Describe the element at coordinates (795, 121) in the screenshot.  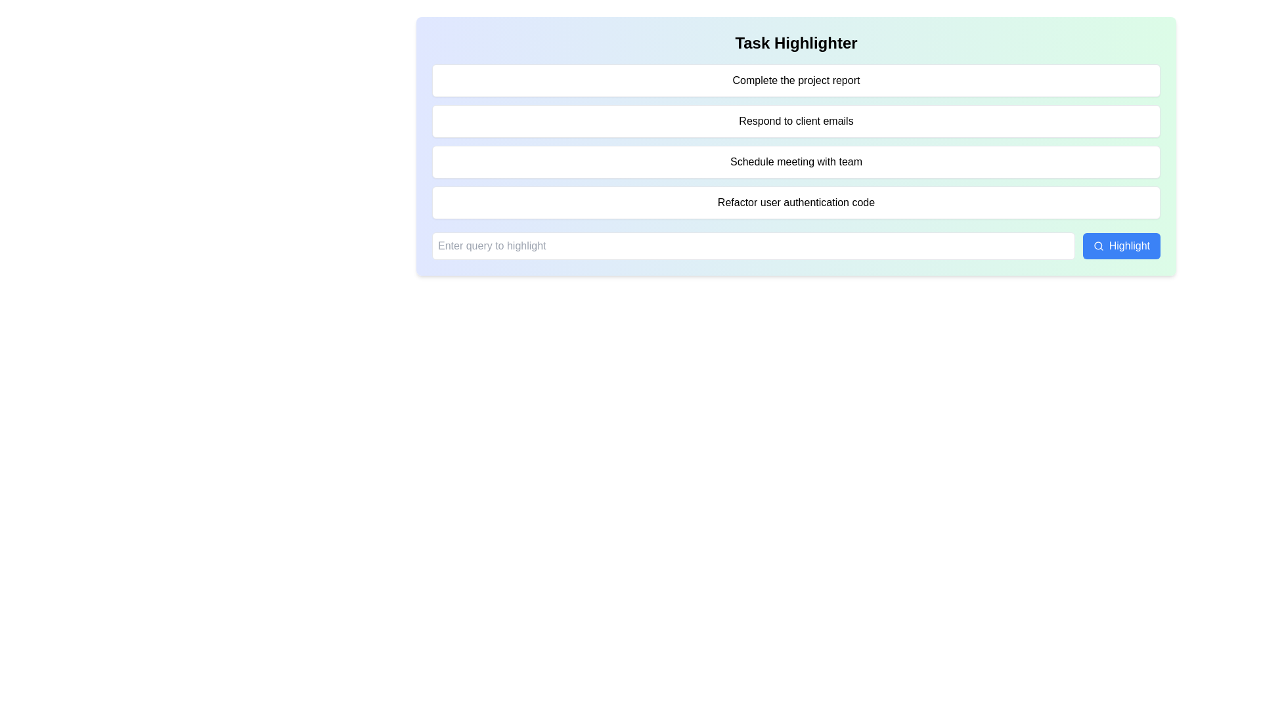
I see `the list item element that contains the text 'Respond to client emails', which is the second item in a vertical list, featuring a white background, rounded corners, and a shadow effect` at that location.